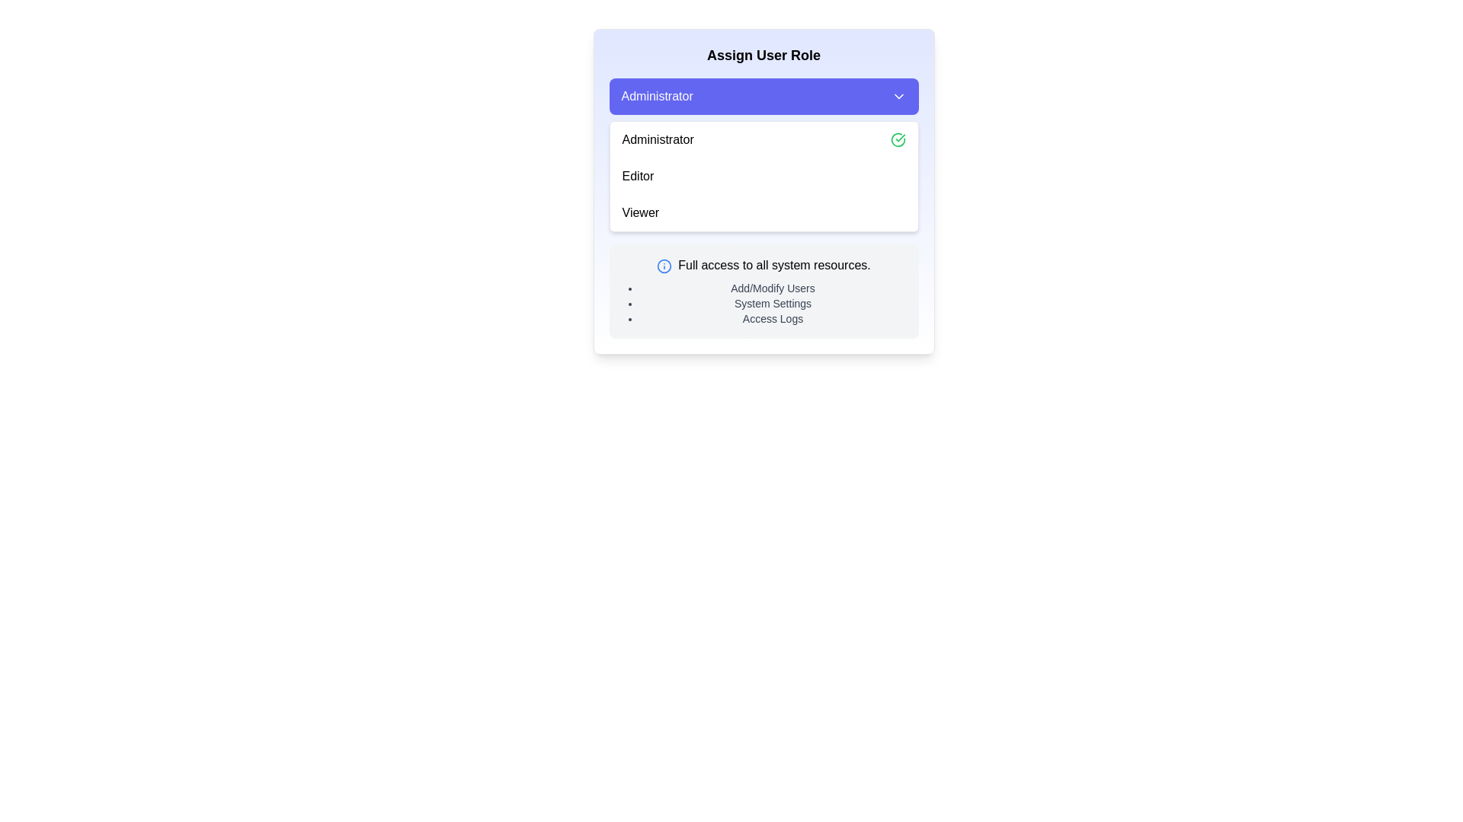 The width and height of the screenshot is (1463, 822). What do you see at coordinates (898, 140) in the screenshot?
I see `the visual icon indicating that the 'Administrator' option is currently selected in the dropdown menu, located to the right of the text 'Administrator'` at bounding box center [898, 140].